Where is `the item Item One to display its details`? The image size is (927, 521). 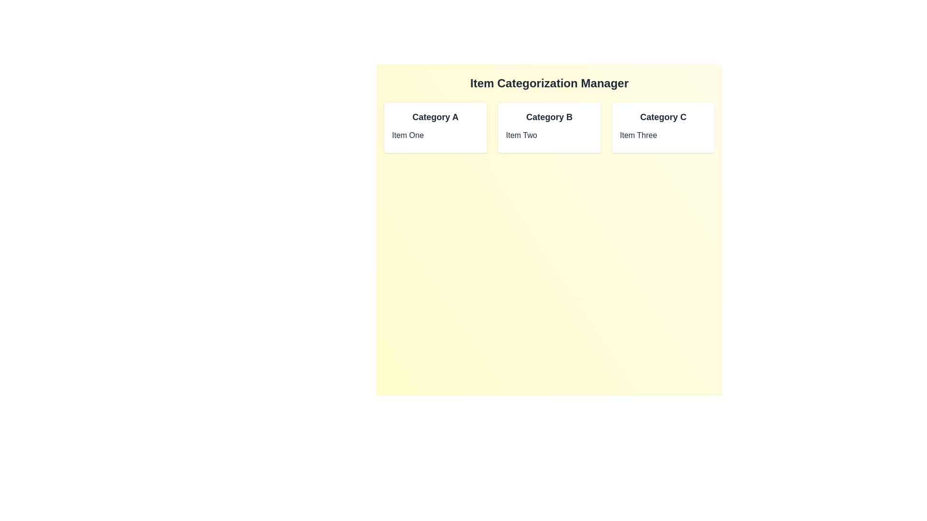 the item Item One to display its details is located at coordinates (435, 136).